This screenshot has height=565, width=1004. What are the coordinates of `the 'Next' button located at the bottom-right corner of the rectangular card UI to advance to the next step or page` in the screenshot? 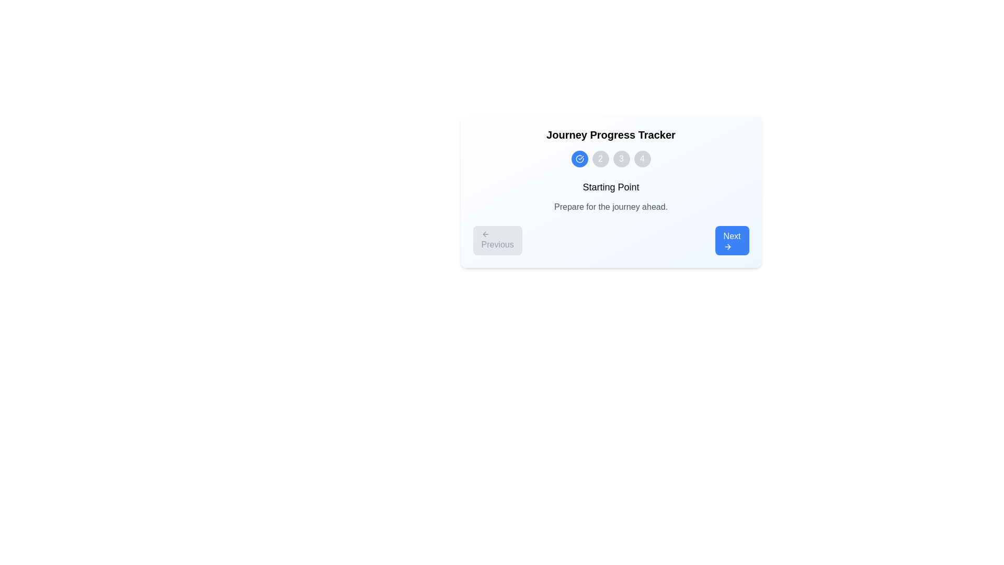 It's located at (727, 246).